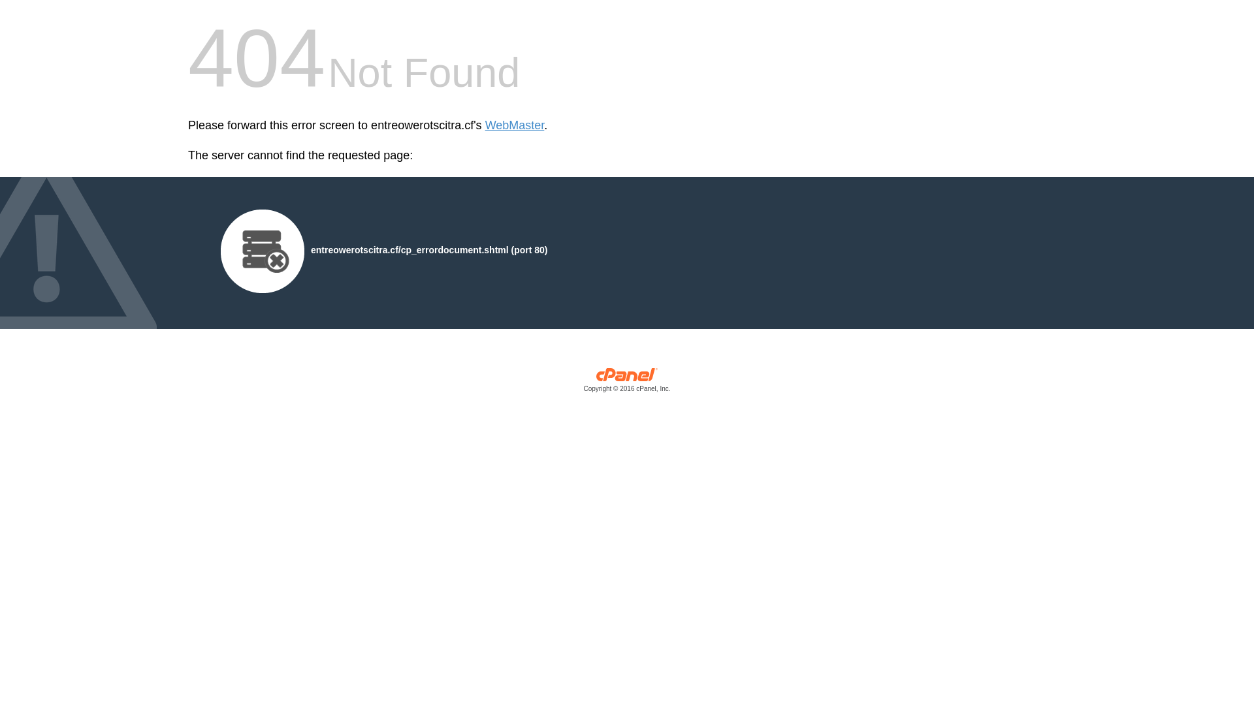  Describe the element at coordinates (485, 125) in the screenshot. I see `'WebMaster'` at that location.